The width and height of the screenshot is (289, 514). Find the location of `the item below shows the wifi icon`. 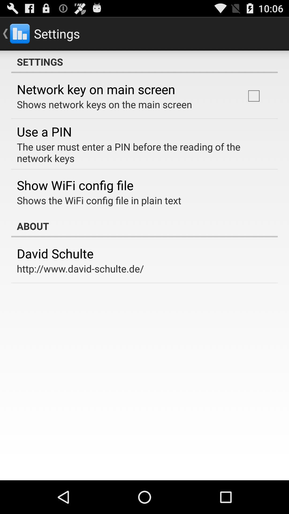

the item below shows the wifi icon is located at coordinates (144, 226).